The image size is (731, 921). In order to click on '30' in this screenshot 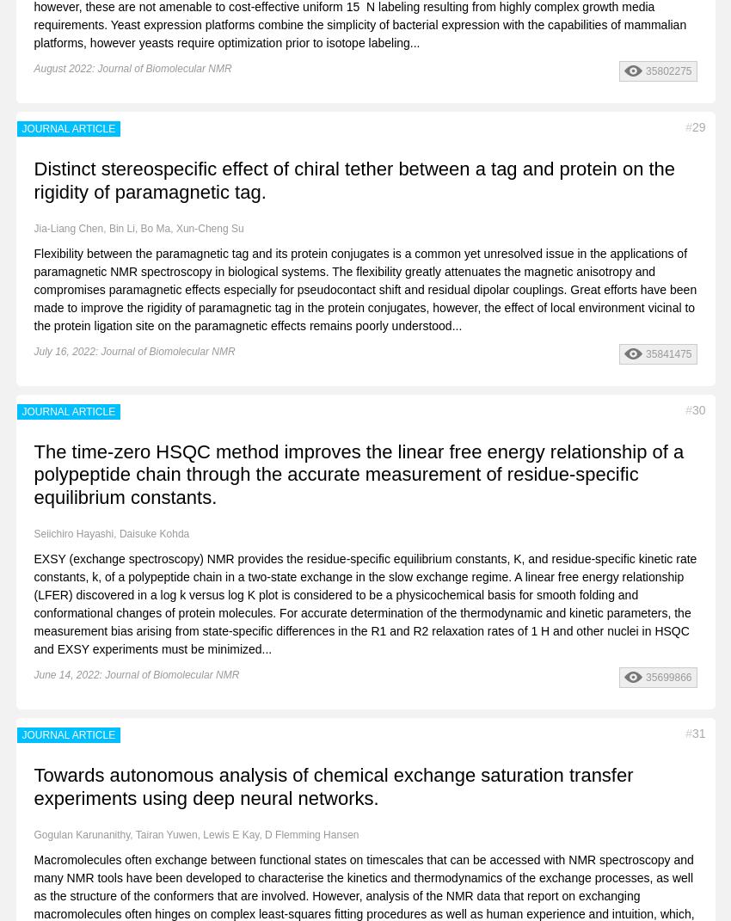, I will do `click(691, 409)`.